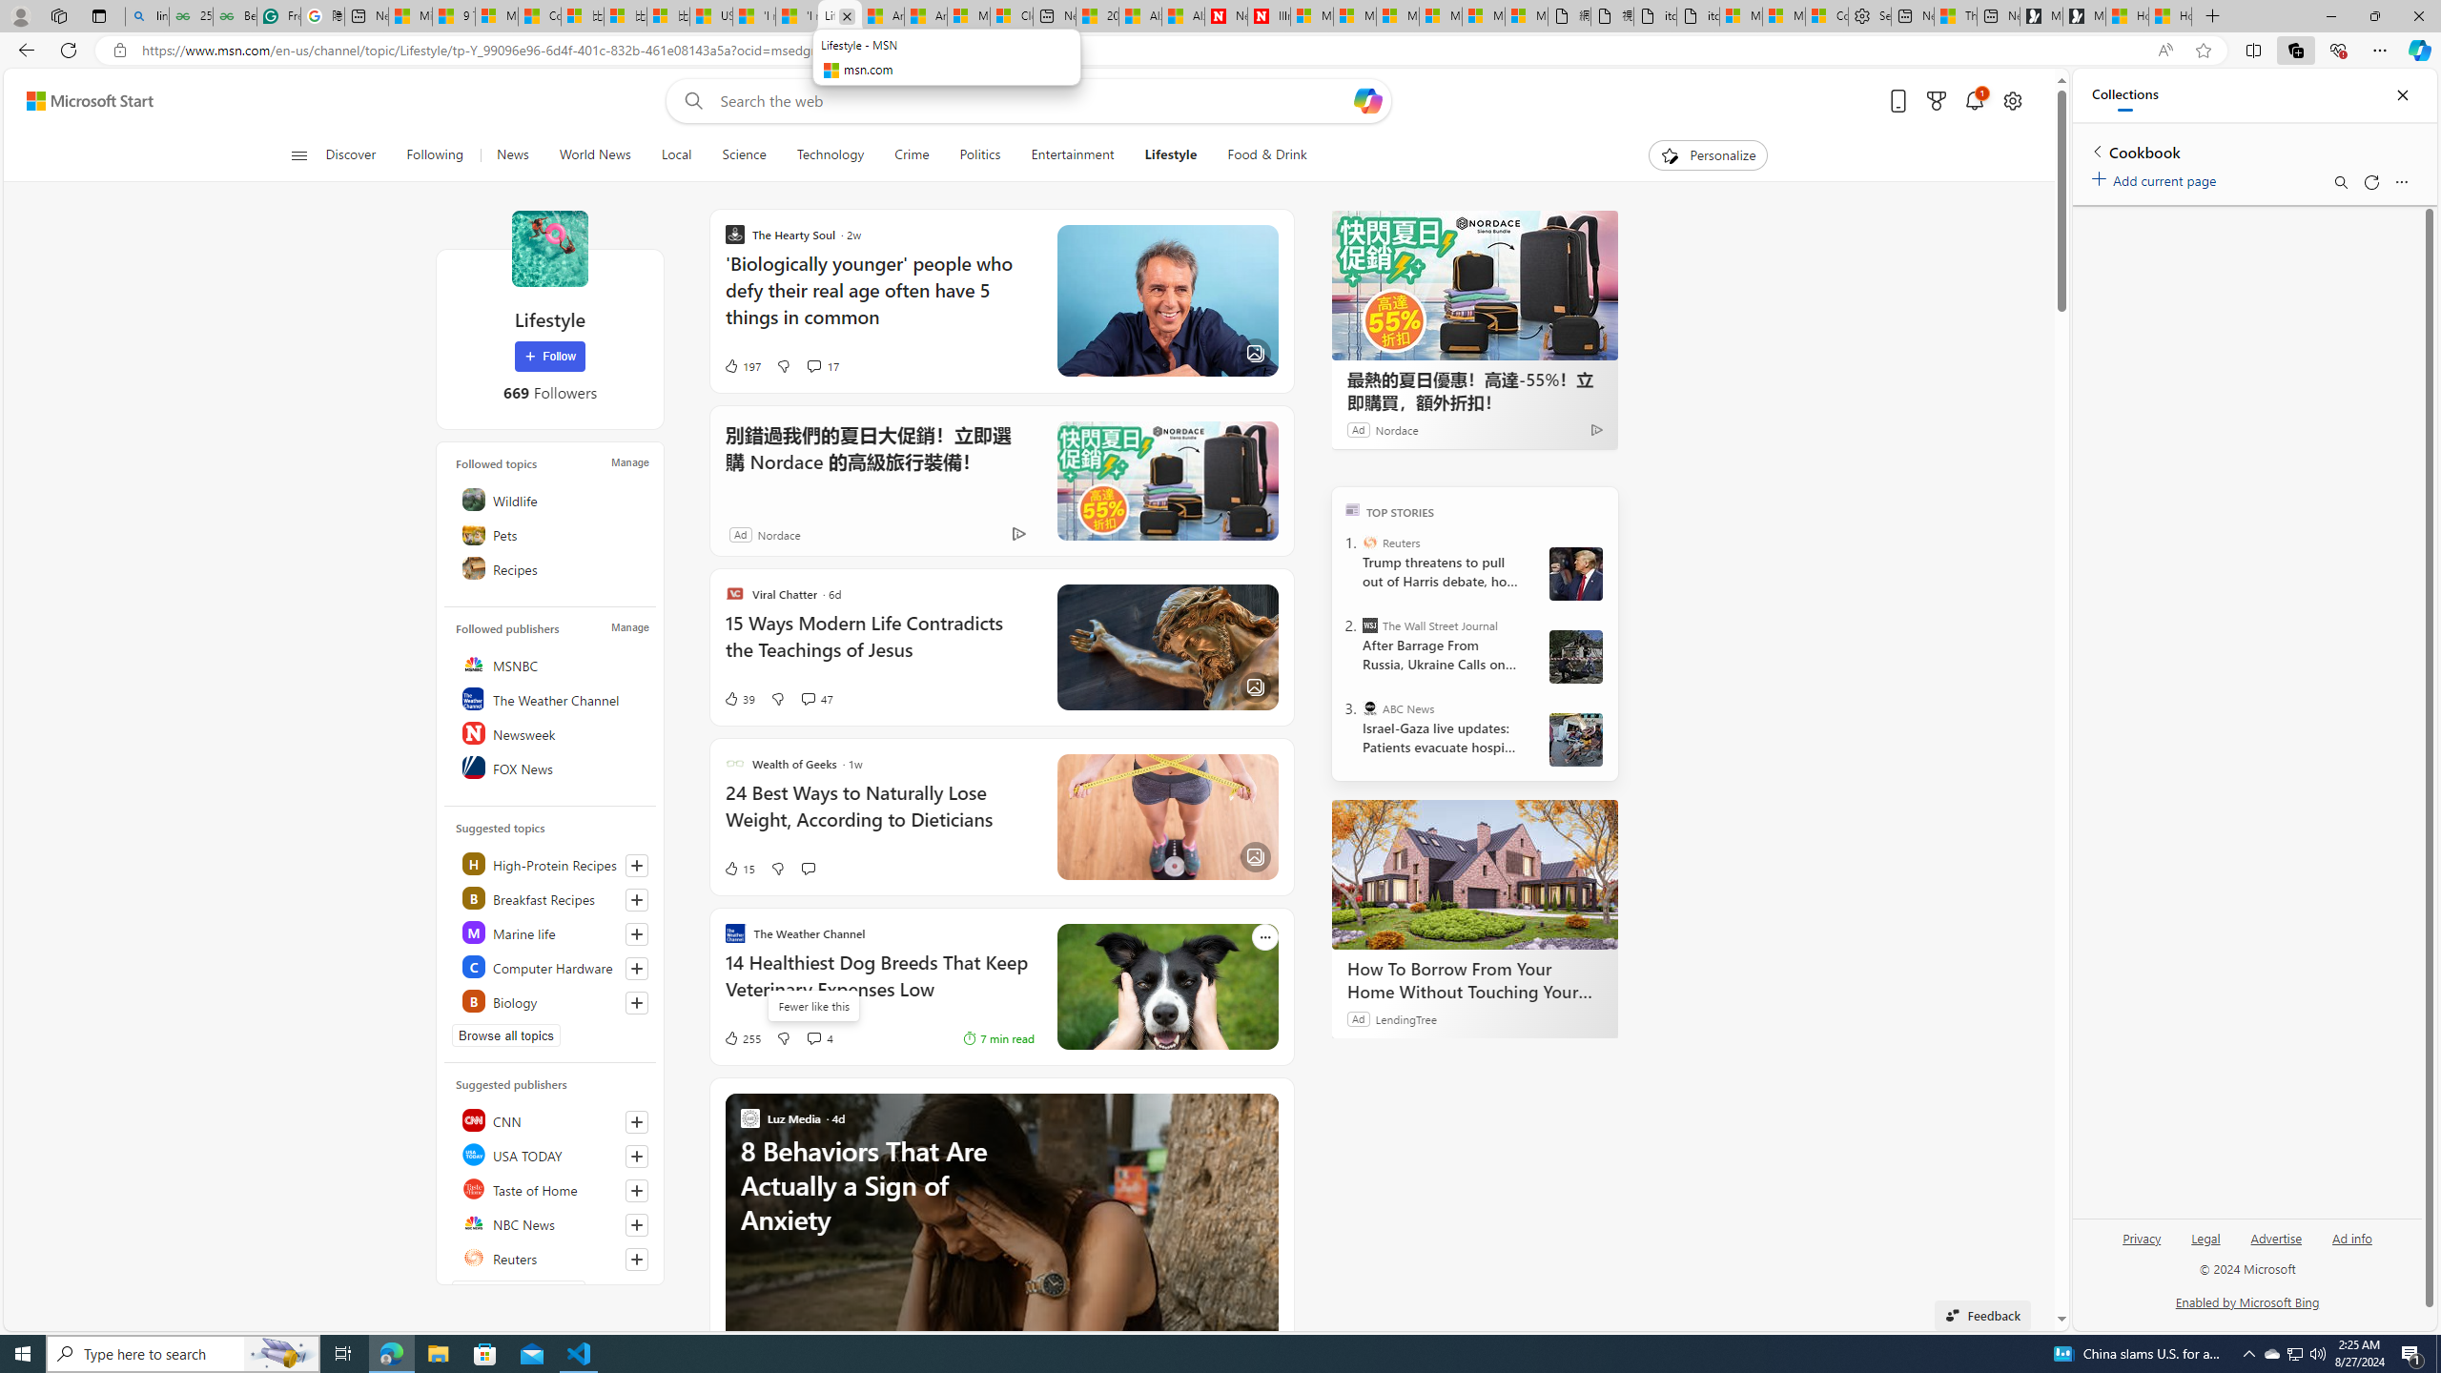 This screenshot has height=1373, width=2441. What do you see at coordinates (637, 1260) in the screenshot?
I see `'Follow this source'` at bounding box center [637, 1260].